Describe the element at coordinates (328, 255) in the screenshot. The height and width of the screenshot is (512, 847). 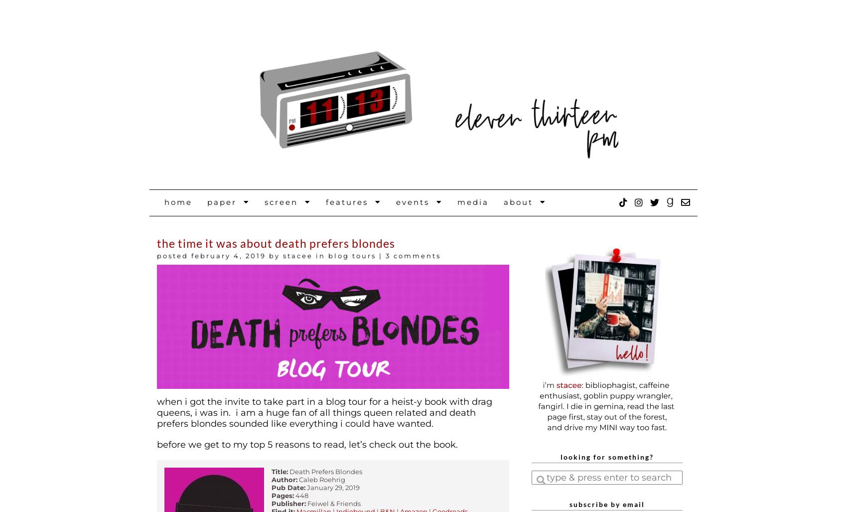
I see `'Blog Tours'` at that location.